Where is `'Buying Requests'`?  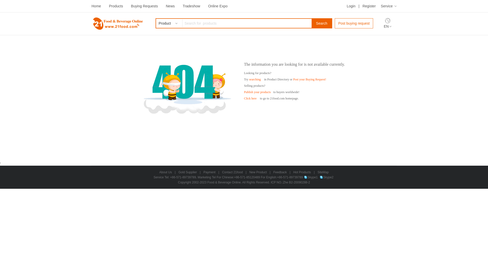 'Buying Requests' is located at coordinates (144, 6).